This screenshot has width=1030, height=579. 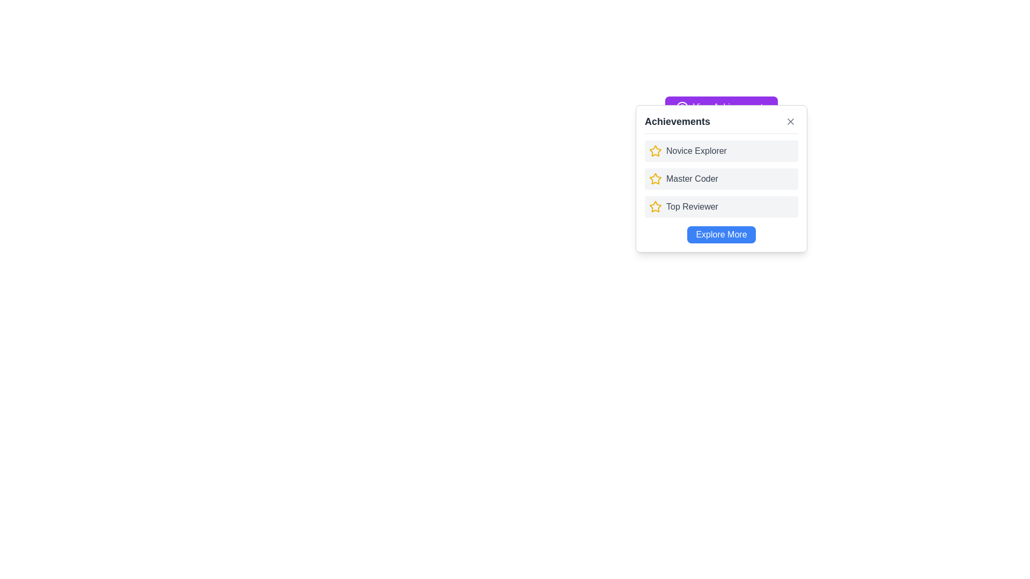 I want to click on text label for the achievement titled 'Novice Explorer', which is the first entry in the achievements panel, positioned to the right of a yellow star icon, so click(x=696, y=151).